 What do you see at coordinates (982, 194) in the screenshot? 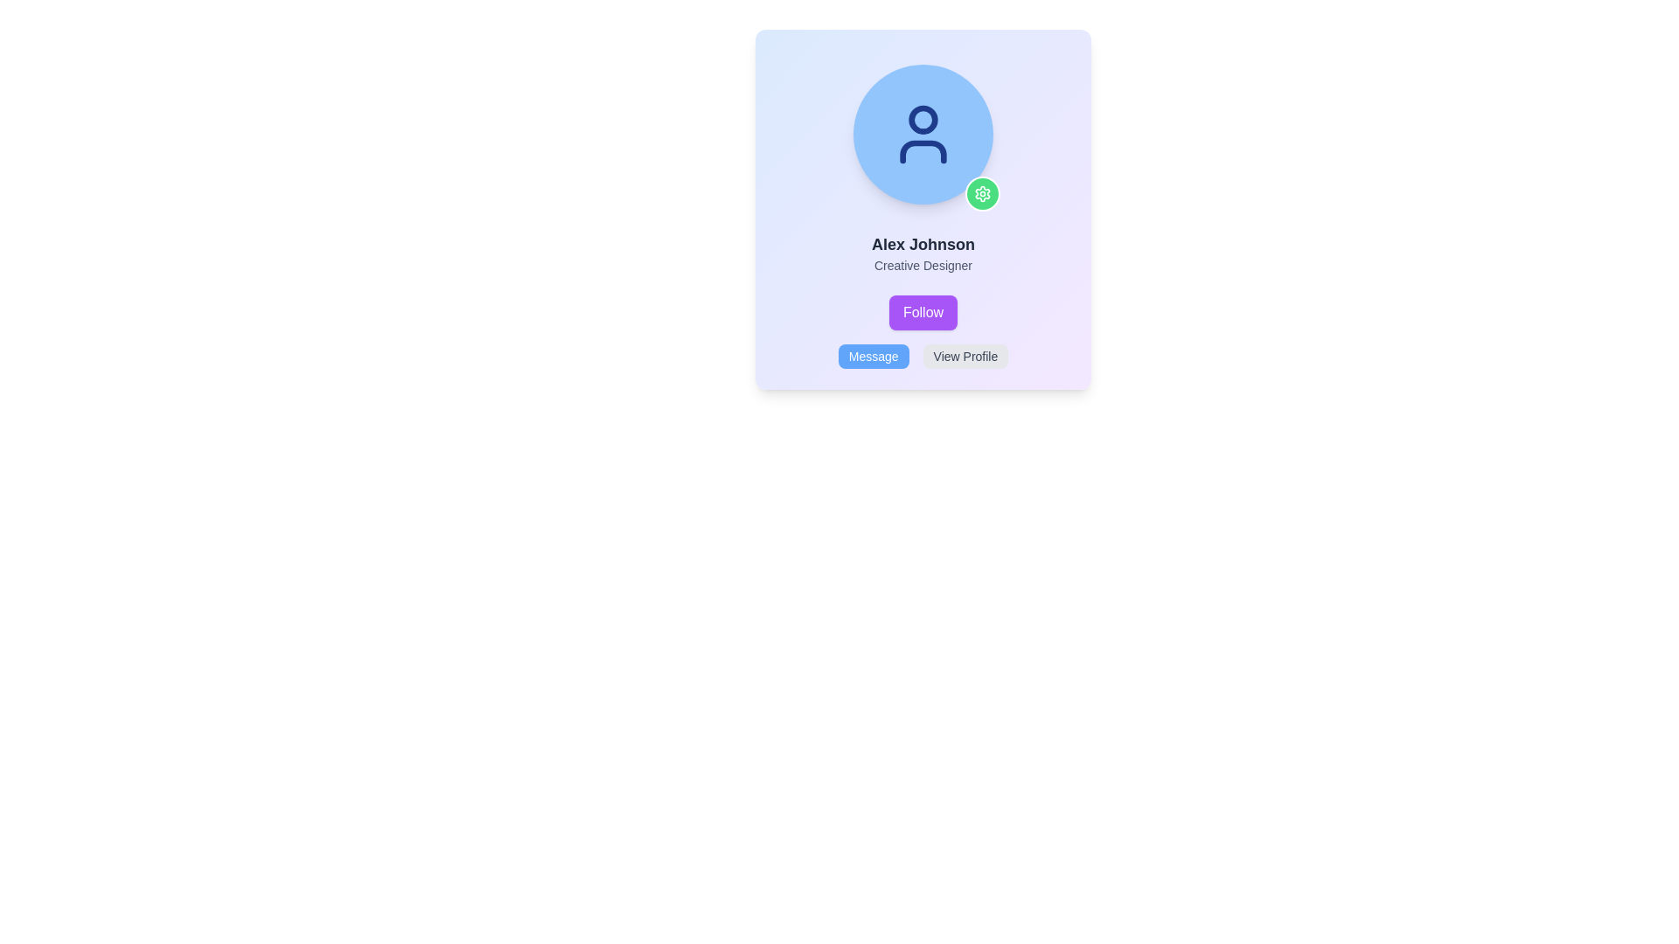
I see `the settings gear icon located at the center of a green circular badge in the bottom-right of the user profile section` at bounding box center [982, 194].